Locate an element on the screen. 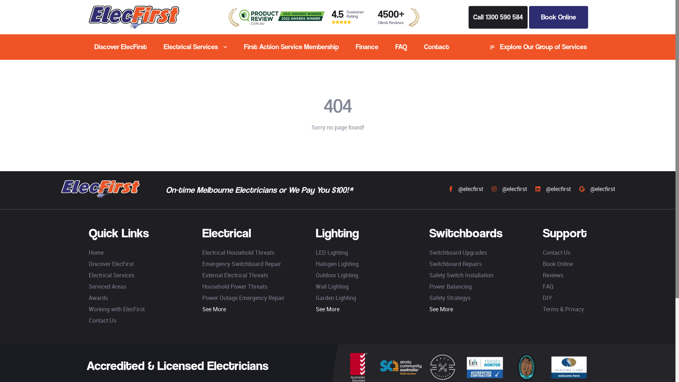  'Electrical Household Threats' is located at coordinates (238, 252).